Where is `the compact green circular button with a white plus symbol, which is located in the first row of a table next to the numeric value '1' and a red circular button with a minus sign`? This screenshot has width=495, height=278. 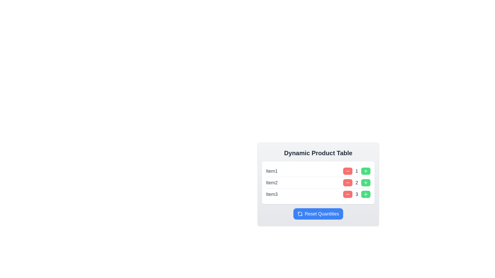 the compact green circular button with a white plus symbol, which is located in the first row of a table next to the numeric value '1' and a red circular button with a minus sign is located at coordinates (366, 171).